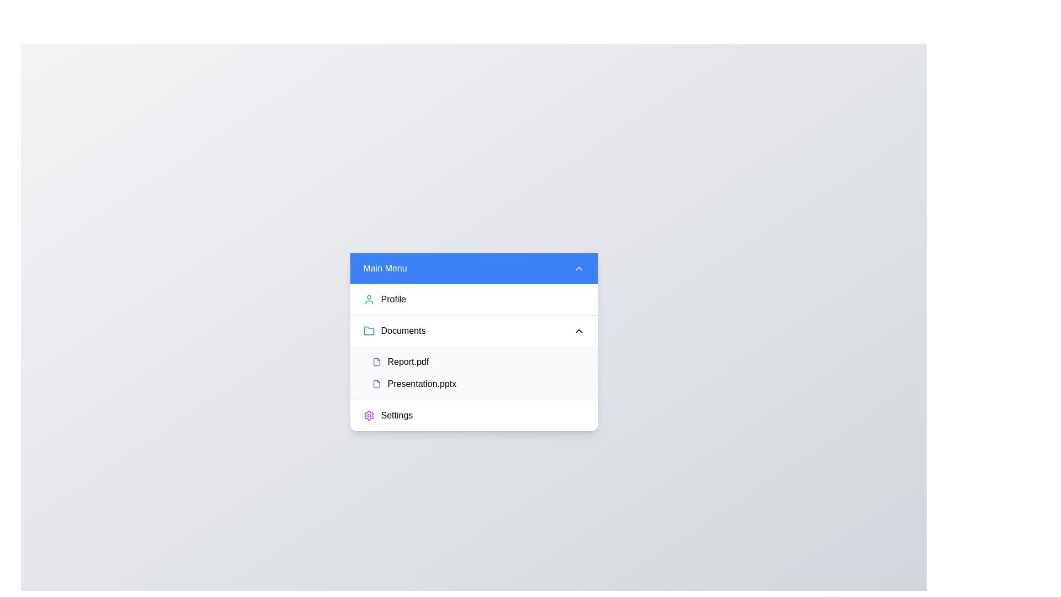 The image size is (1061, 597). What do you see at coordinates (578, 269) in the screenshot?
I see `the chevron icon located at the top-right corner of the blue header bar labeled 'Main Menu'` at bounding box center [578, 269].